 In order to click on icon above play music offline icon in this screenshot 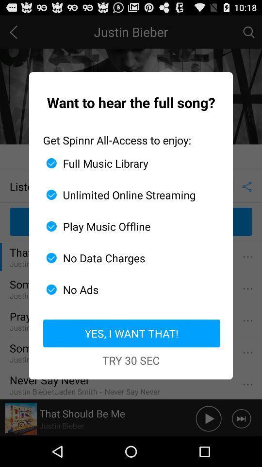, I will do `click(127, 194)`.